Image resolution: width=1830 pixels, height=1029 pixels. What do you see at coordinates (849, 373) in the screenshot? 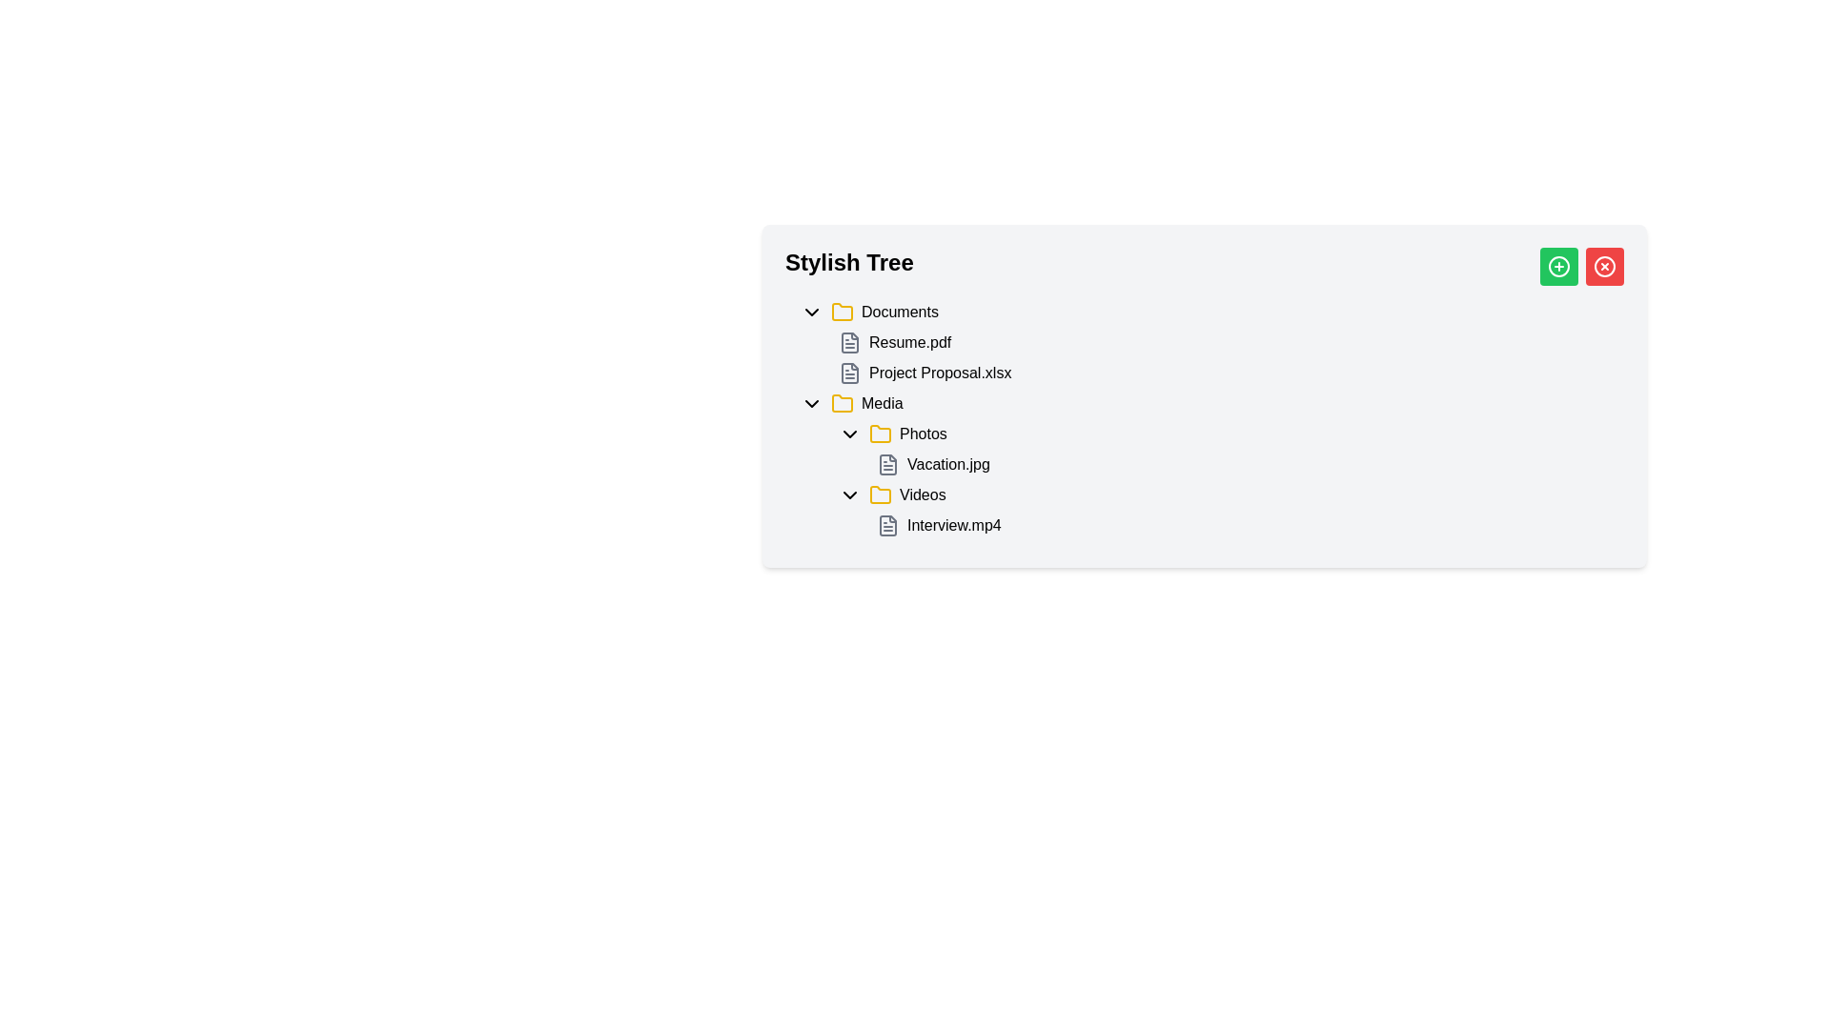
I see `the File icon representing a document, which is styled with a gray outline and has a folded corner, located next to 'Resume.pdf' under 'Documents' in the tree structure` at bounding box center [849, 373].